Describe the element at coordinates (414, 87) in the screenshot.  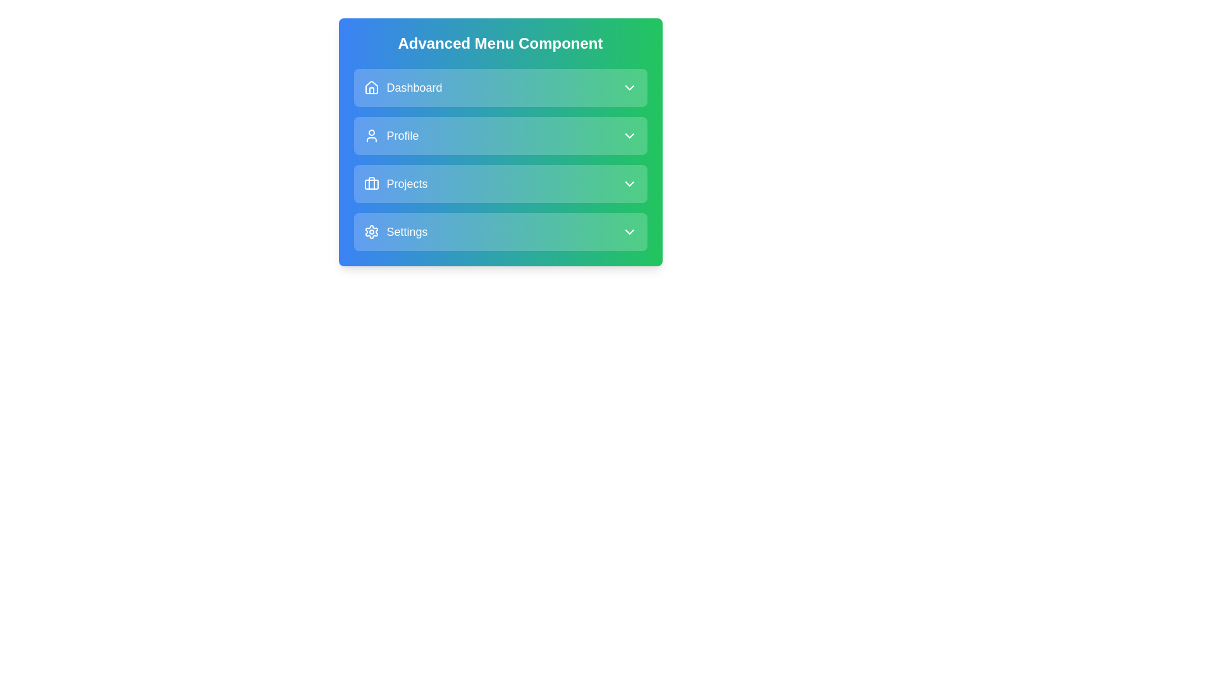
I see `the 'Dashboard' text label located in the first menu item of the 'Advanced Menu Component' interface, which is styled to blend with a blue-green gradient background` at that location.